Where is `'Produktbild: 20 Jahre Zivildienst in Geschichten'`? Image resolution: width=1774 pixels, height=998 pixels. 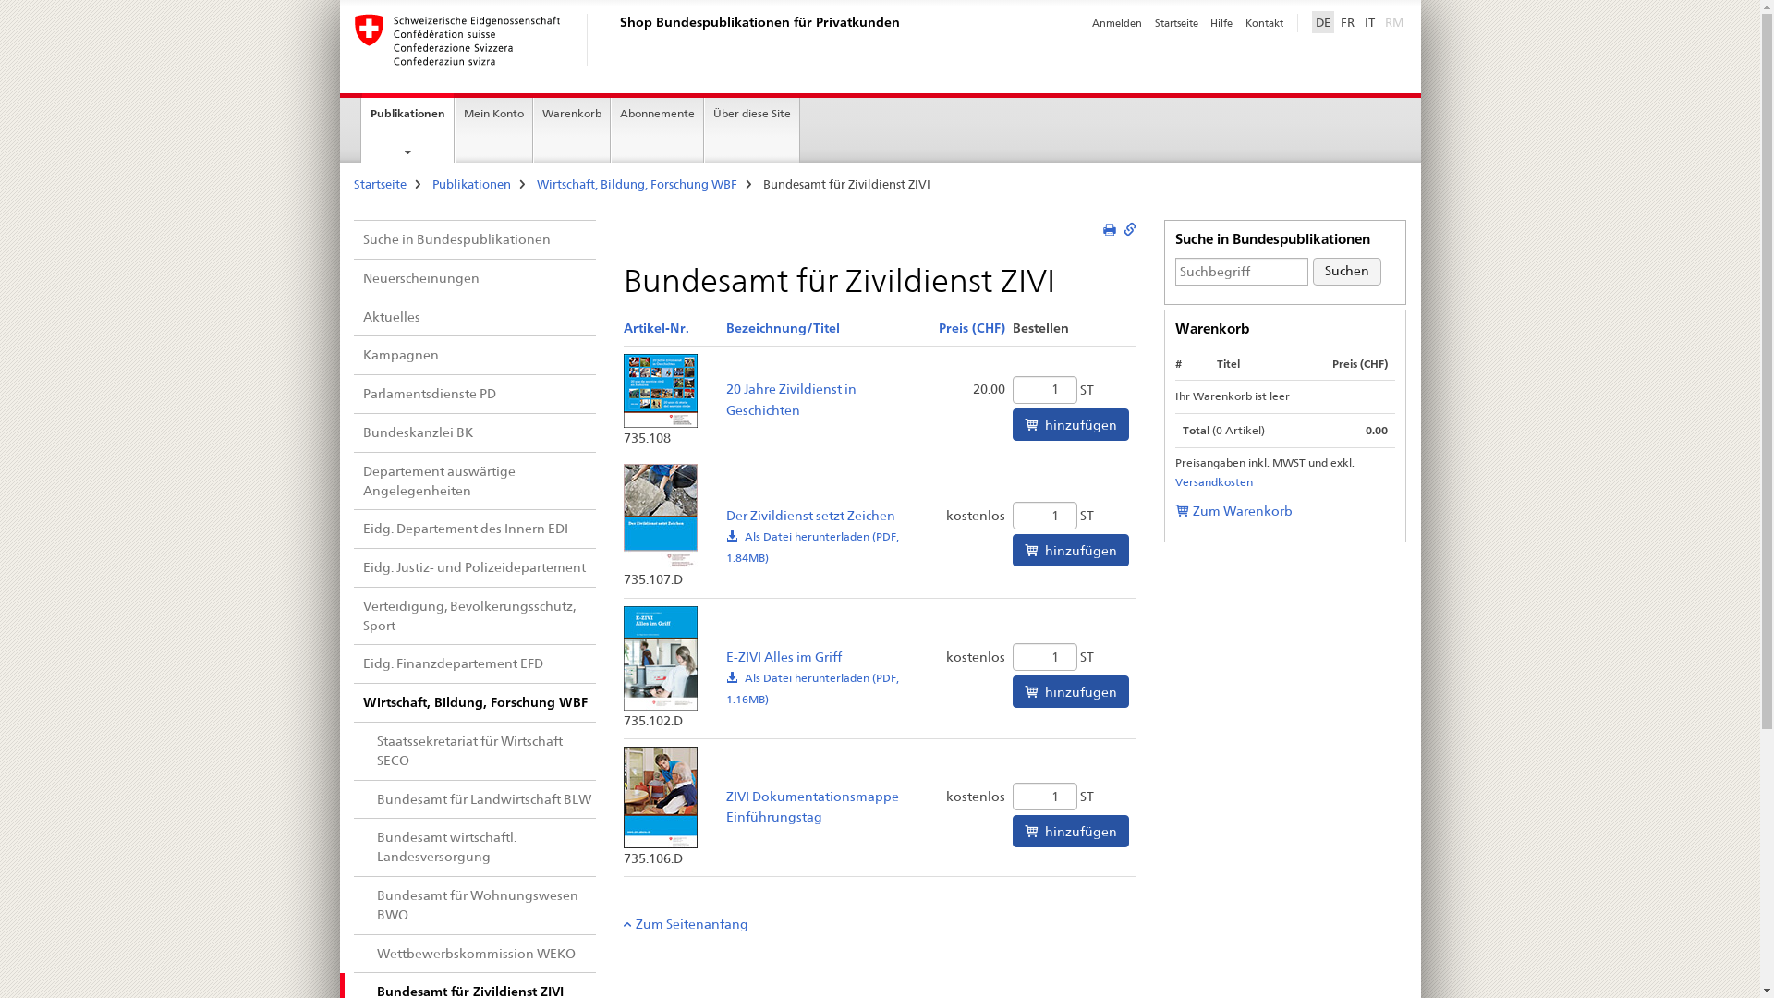 'Produktbild: 20 Jahre Zivildienst in Geschichten' is located at coordinates (661, 387).